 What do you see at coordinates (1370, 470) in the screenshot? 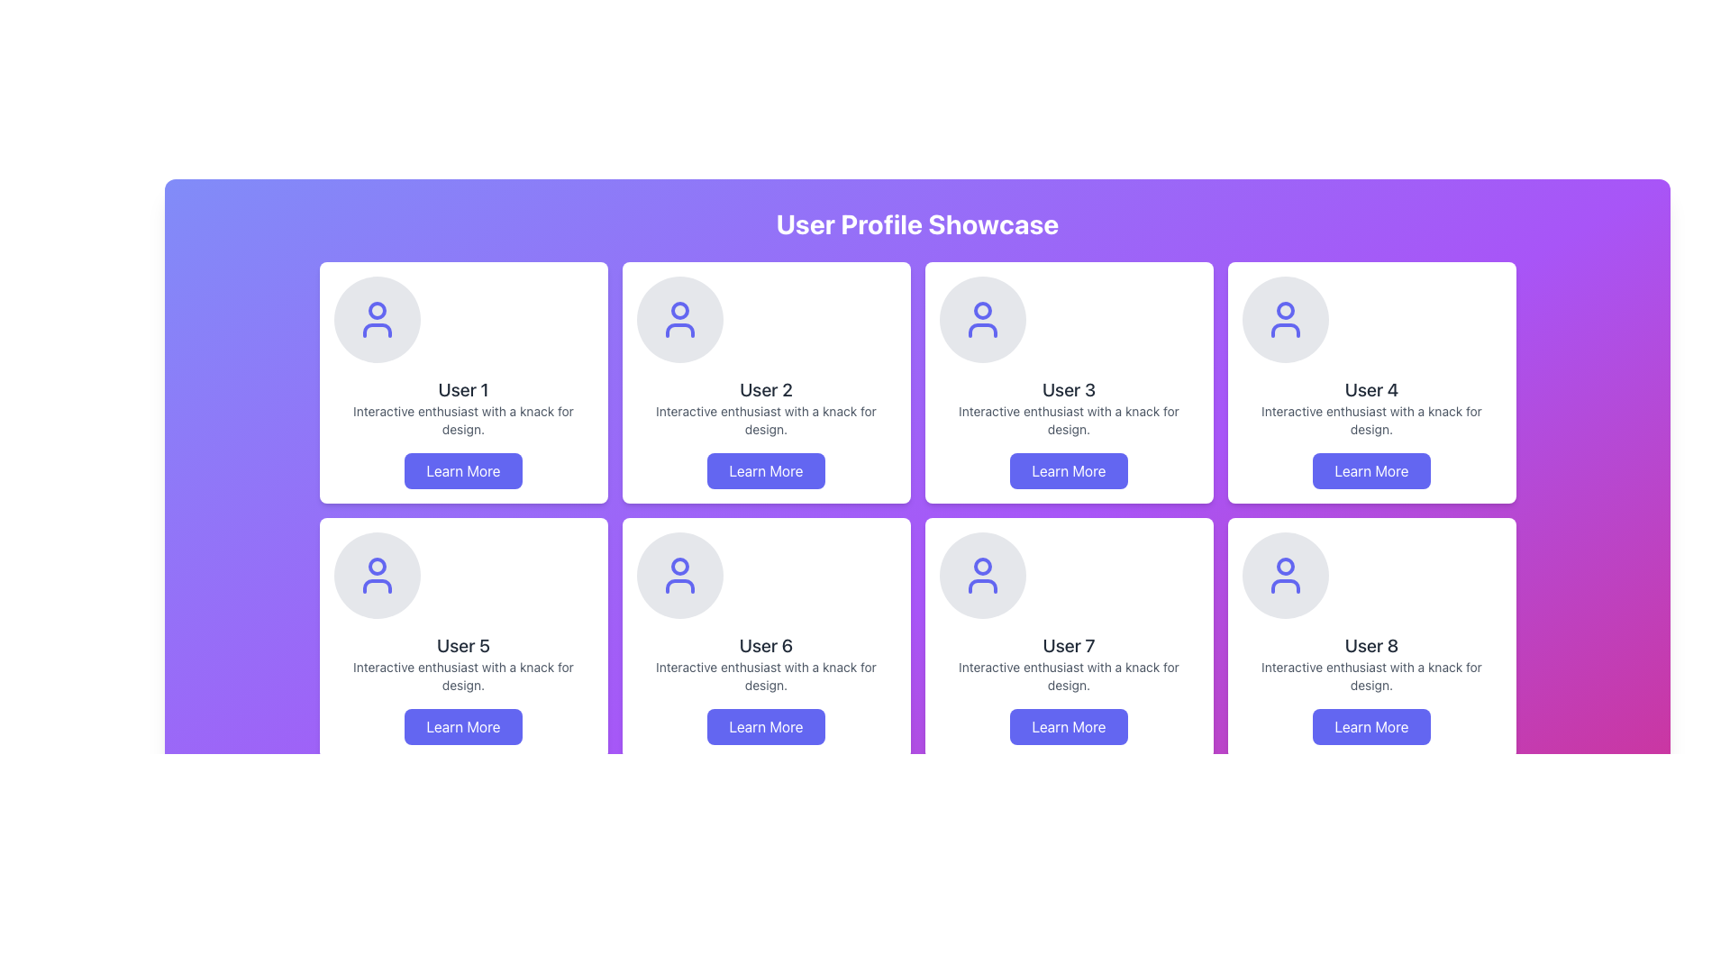
I see `the button that provides additional information about the 'User 4' profile` at bounding box center [1370, 470].